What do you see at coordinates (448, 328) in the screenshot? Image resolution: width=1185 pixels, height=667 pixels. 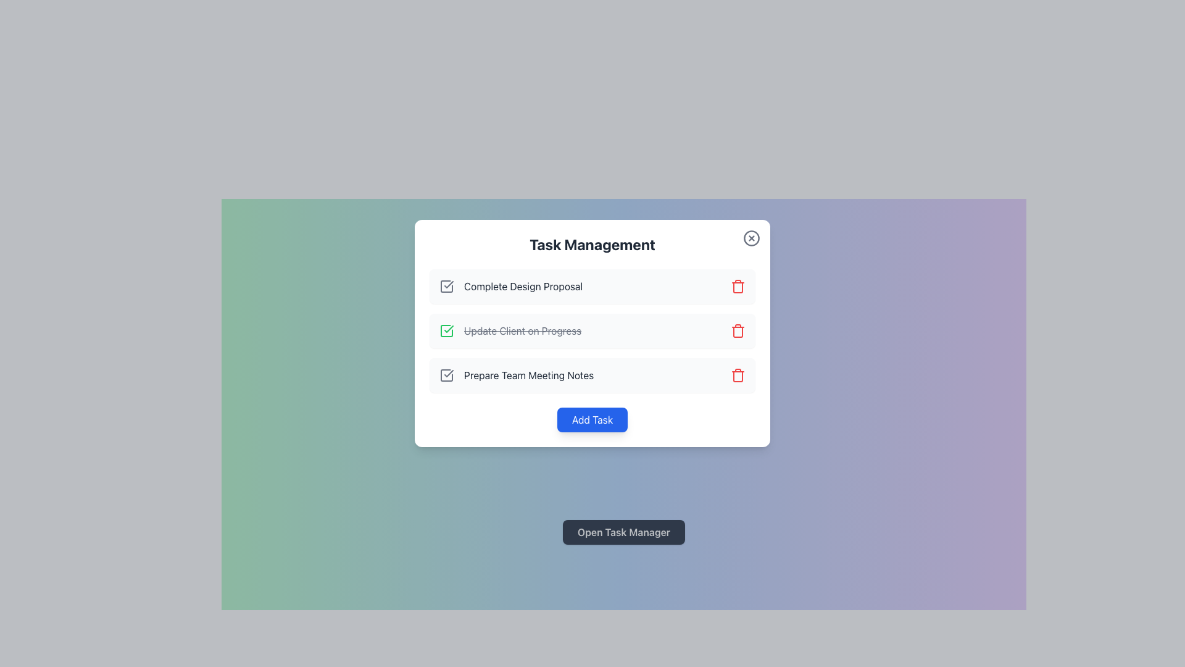 I see `the green checkmark icon representing a completed task in the task list for 'Update Client on Progress'` at bounding box center [448, 328].